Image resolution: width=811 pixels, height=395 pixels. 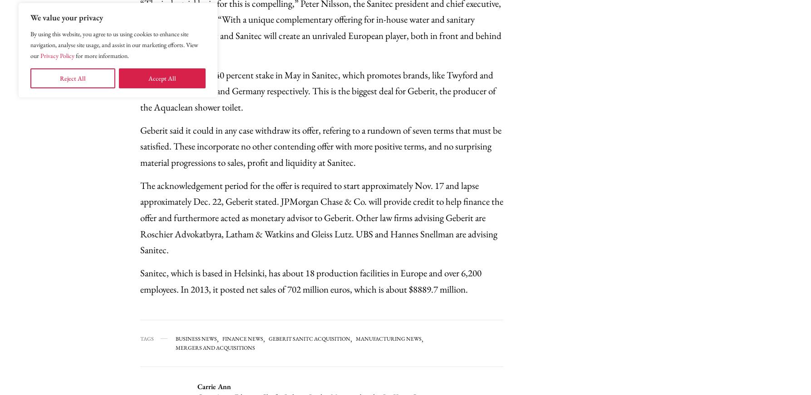 I want to click on 'Sanitec, which is based in Helsinki, has about 18 production facilities in Europe and over 6,200 employees. In 2013, it posted net sales of 702 million euros, which is about $8889.7 million.', so click(x=310, y=280).